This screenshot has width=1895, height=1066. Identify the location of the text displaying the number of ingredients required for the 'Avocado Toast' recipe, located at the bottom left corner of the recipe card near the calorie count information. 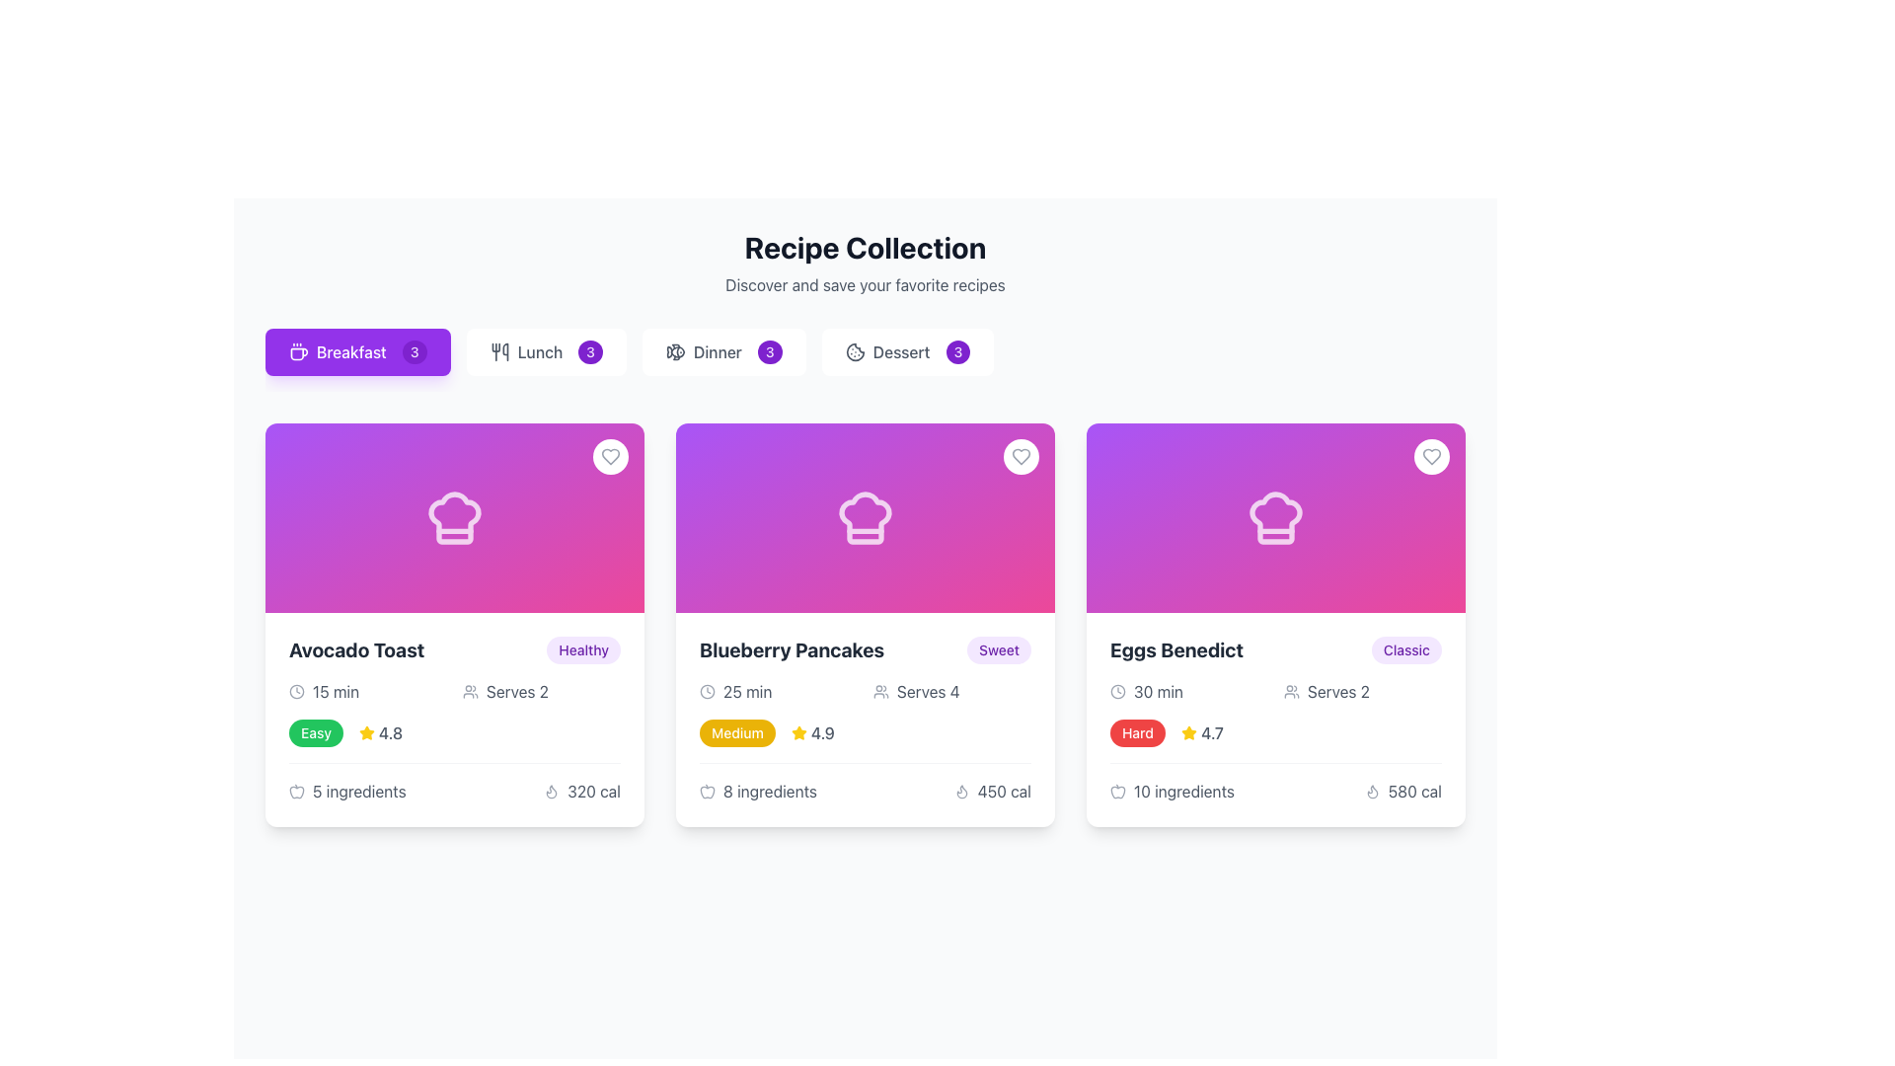
(347, 791).